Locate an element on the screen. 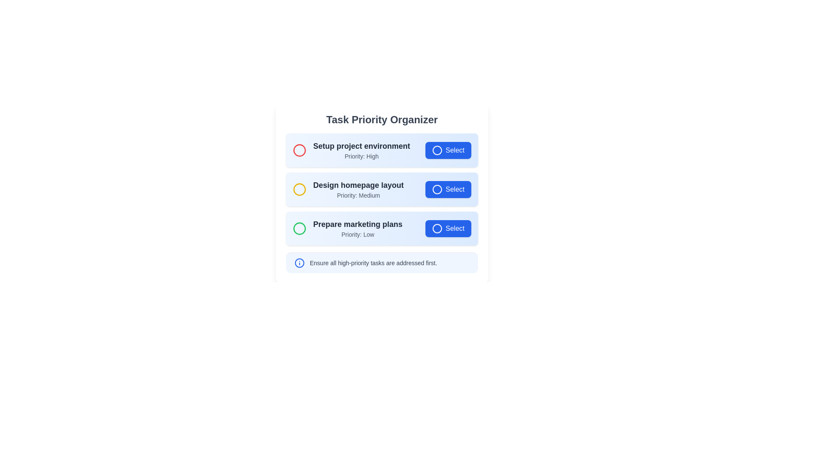 The image size is (816, 459). the button associated with 'Prepare marketing plans' and 'Priority: Low' is located at coordinates (448, 228).